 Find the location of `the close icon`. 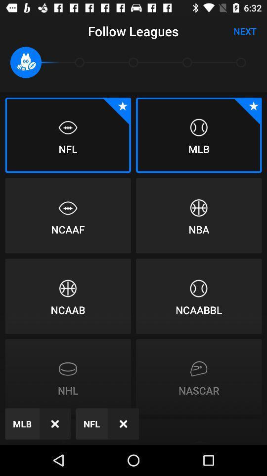

the close icon is located at coordinates (55, 423).